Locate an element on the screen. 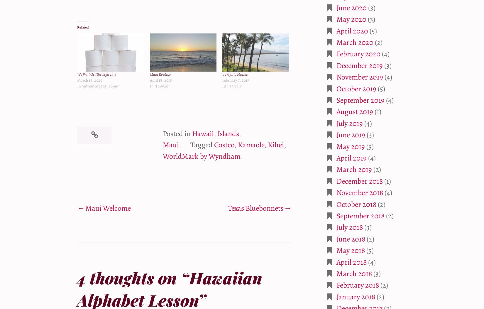 This screenshot has width=484, height=309. 'August 2019' is located at coordinates (336, 111).